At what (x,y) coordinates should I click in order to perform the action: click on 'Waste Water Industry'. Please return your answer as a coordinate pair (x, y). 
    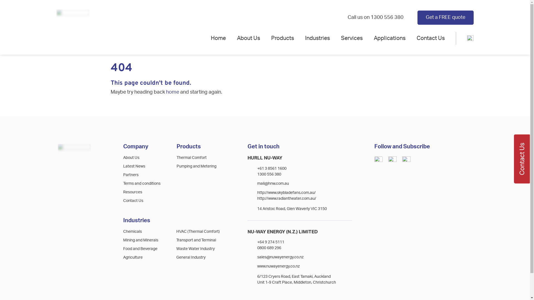
    Looking at the image, I should click on (195, 248).